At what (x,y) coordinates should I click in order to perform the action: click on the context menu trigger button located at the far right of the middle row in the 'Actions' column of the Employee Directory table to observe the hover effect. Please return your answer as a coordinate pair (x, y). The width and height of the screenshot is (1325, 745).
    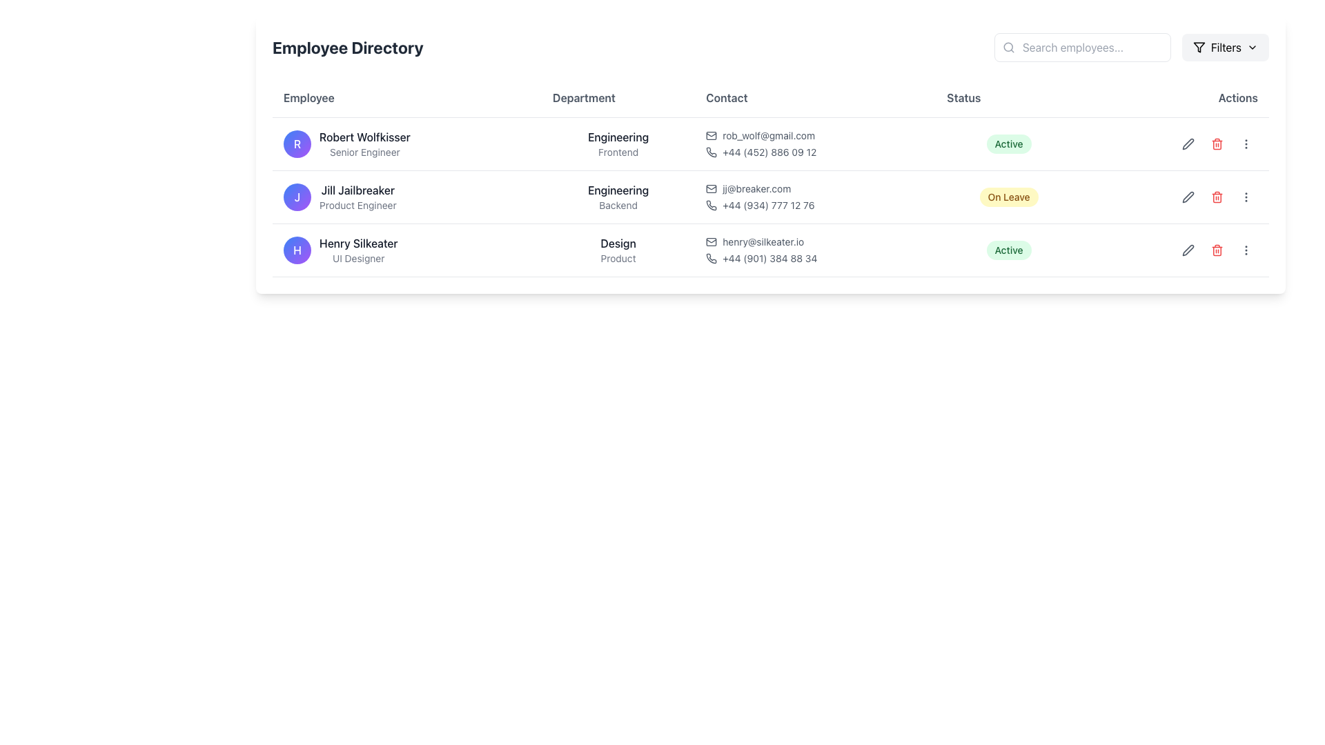
    Looking at the image, I should click on (1246, 197).